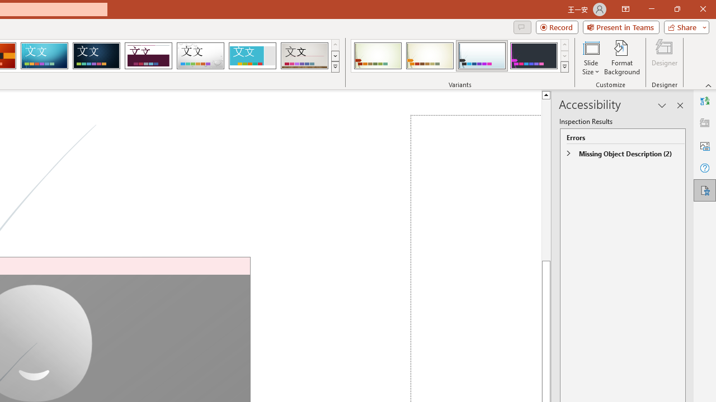 This screenshot has width=716, height=402. What do you see at coordinates (252, 56) in the screenshot?
I see `'Frame'` at bounding box center [252, 56].